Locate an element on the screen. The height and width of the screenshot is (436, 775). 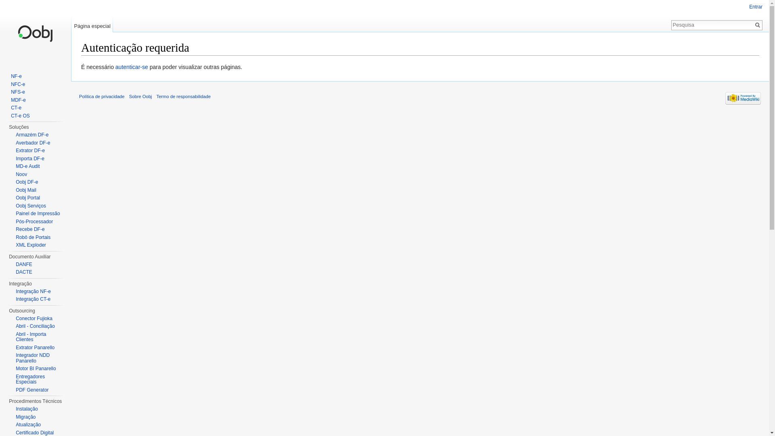
'Ir' is located at coordinates (753, 24).